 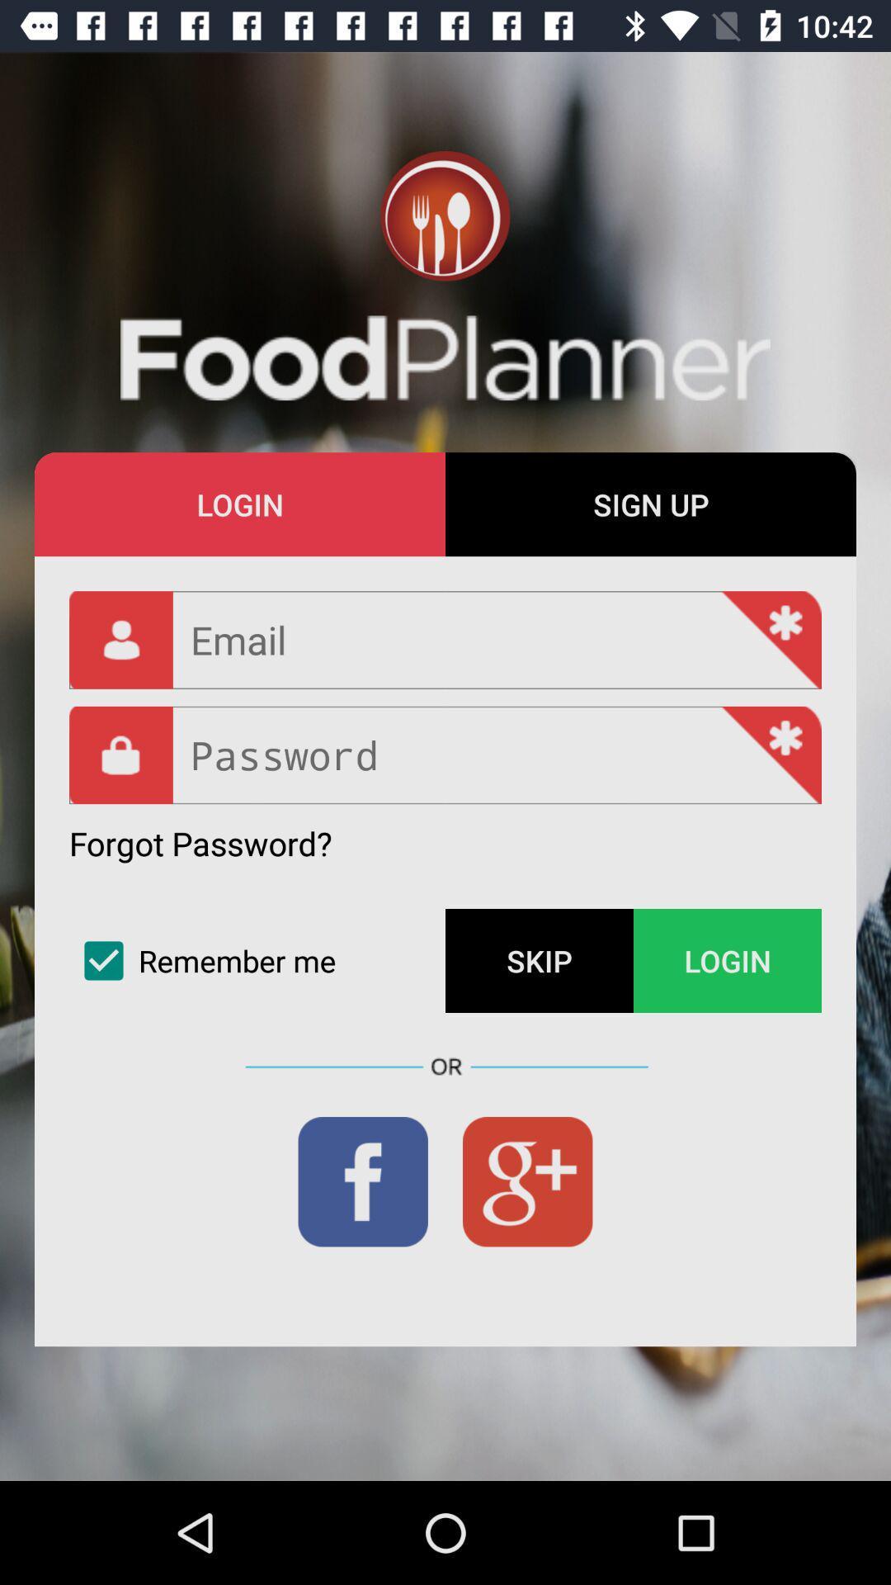 I want to click on the sign up item, so click(x=650, y=504).